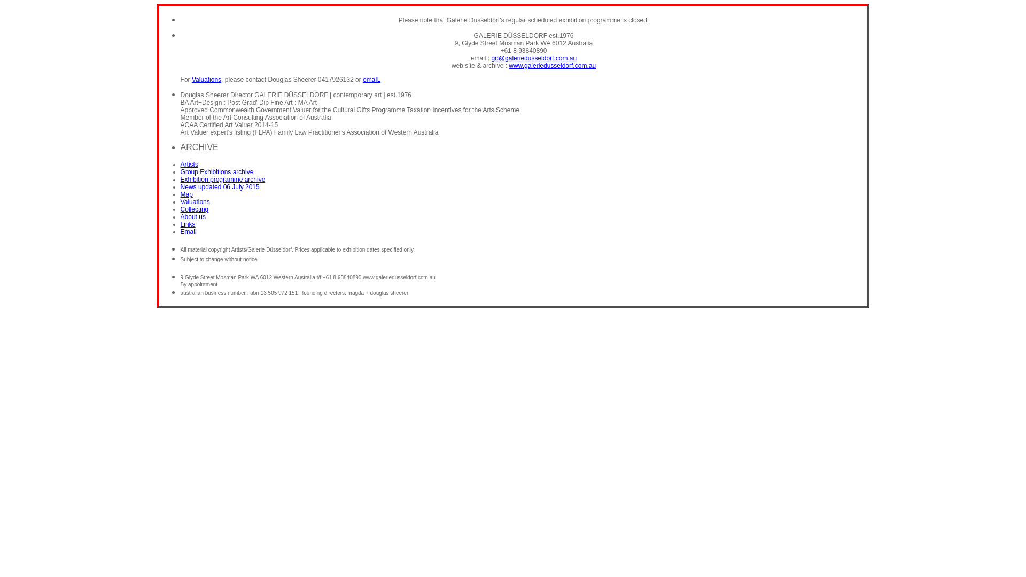 Image resolution: width=1026 pixels, height=577 pixels. I want to click on 'Exhibition programme archive', so click(222, 178).